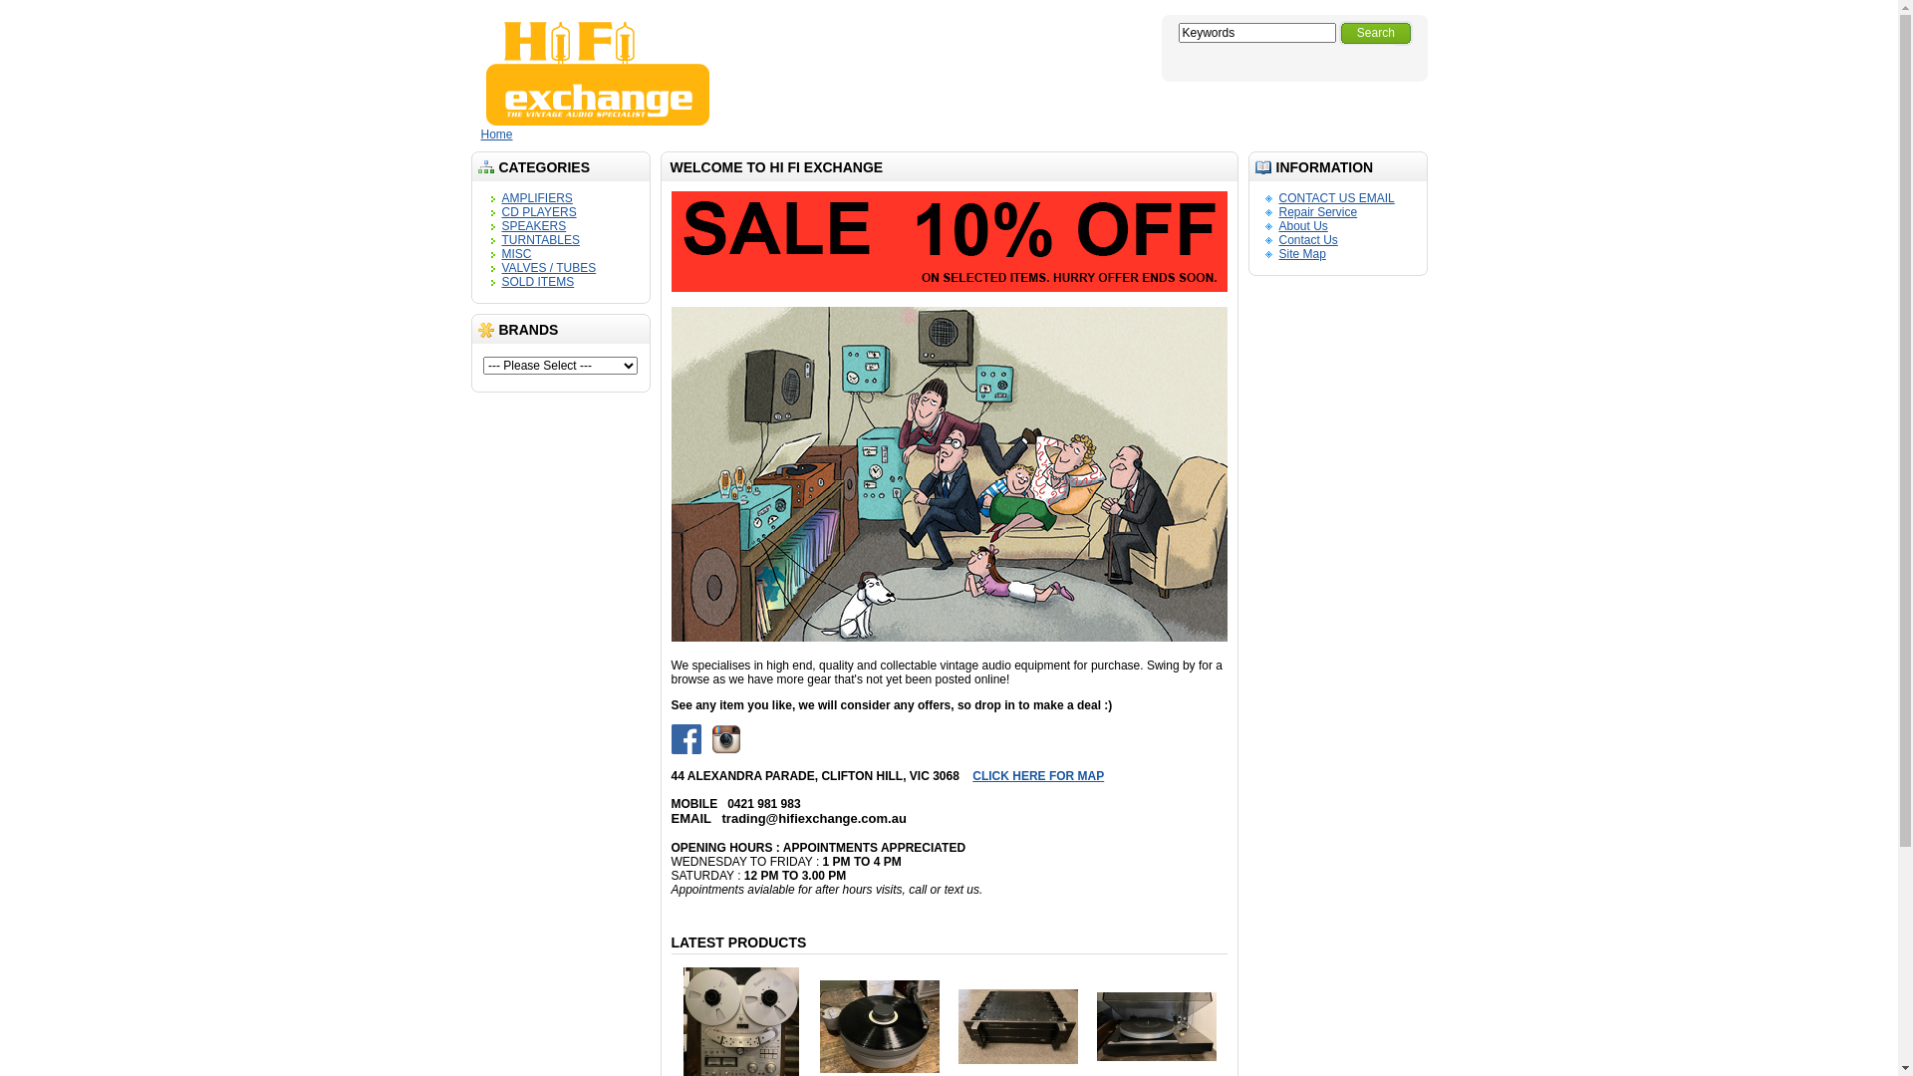  Describe the element at coordinates (502, 238) in the screenshot. I see `'TURNTABLES'` at that location.